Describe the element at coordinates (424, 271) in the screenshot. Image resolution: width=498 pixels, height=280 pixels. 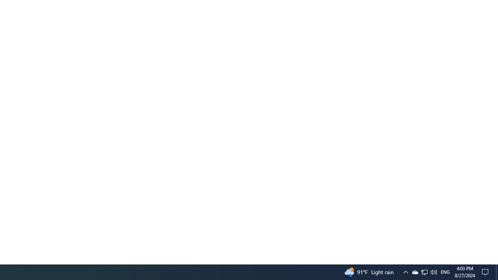
I see `'User Promoted Notification Area'` at that location.